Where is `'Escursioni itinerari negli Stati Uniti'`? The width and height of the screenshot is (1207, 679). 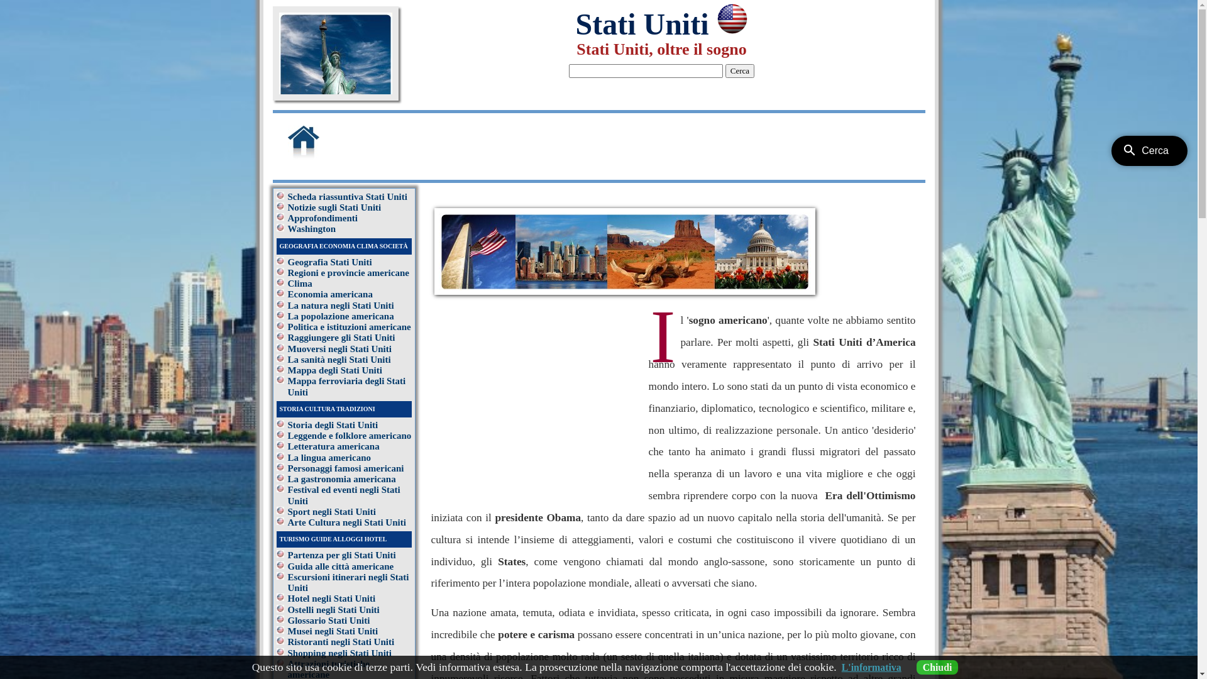
'Escursioni itinerari negli Stati Uniti' is located at coordinates (348, 582).